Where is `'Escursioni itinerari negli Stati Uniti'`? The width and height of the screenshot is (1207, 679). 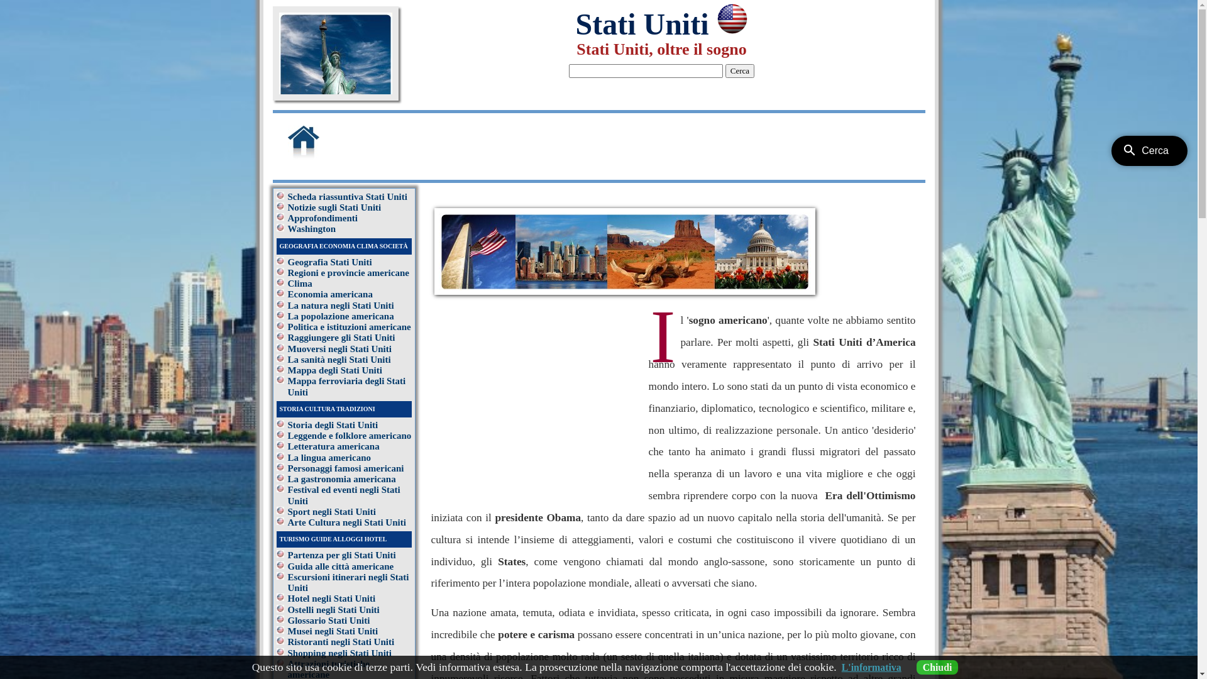
'Escursioni itinerari negli Stati Uniti' is located at coordinates (348, 582).